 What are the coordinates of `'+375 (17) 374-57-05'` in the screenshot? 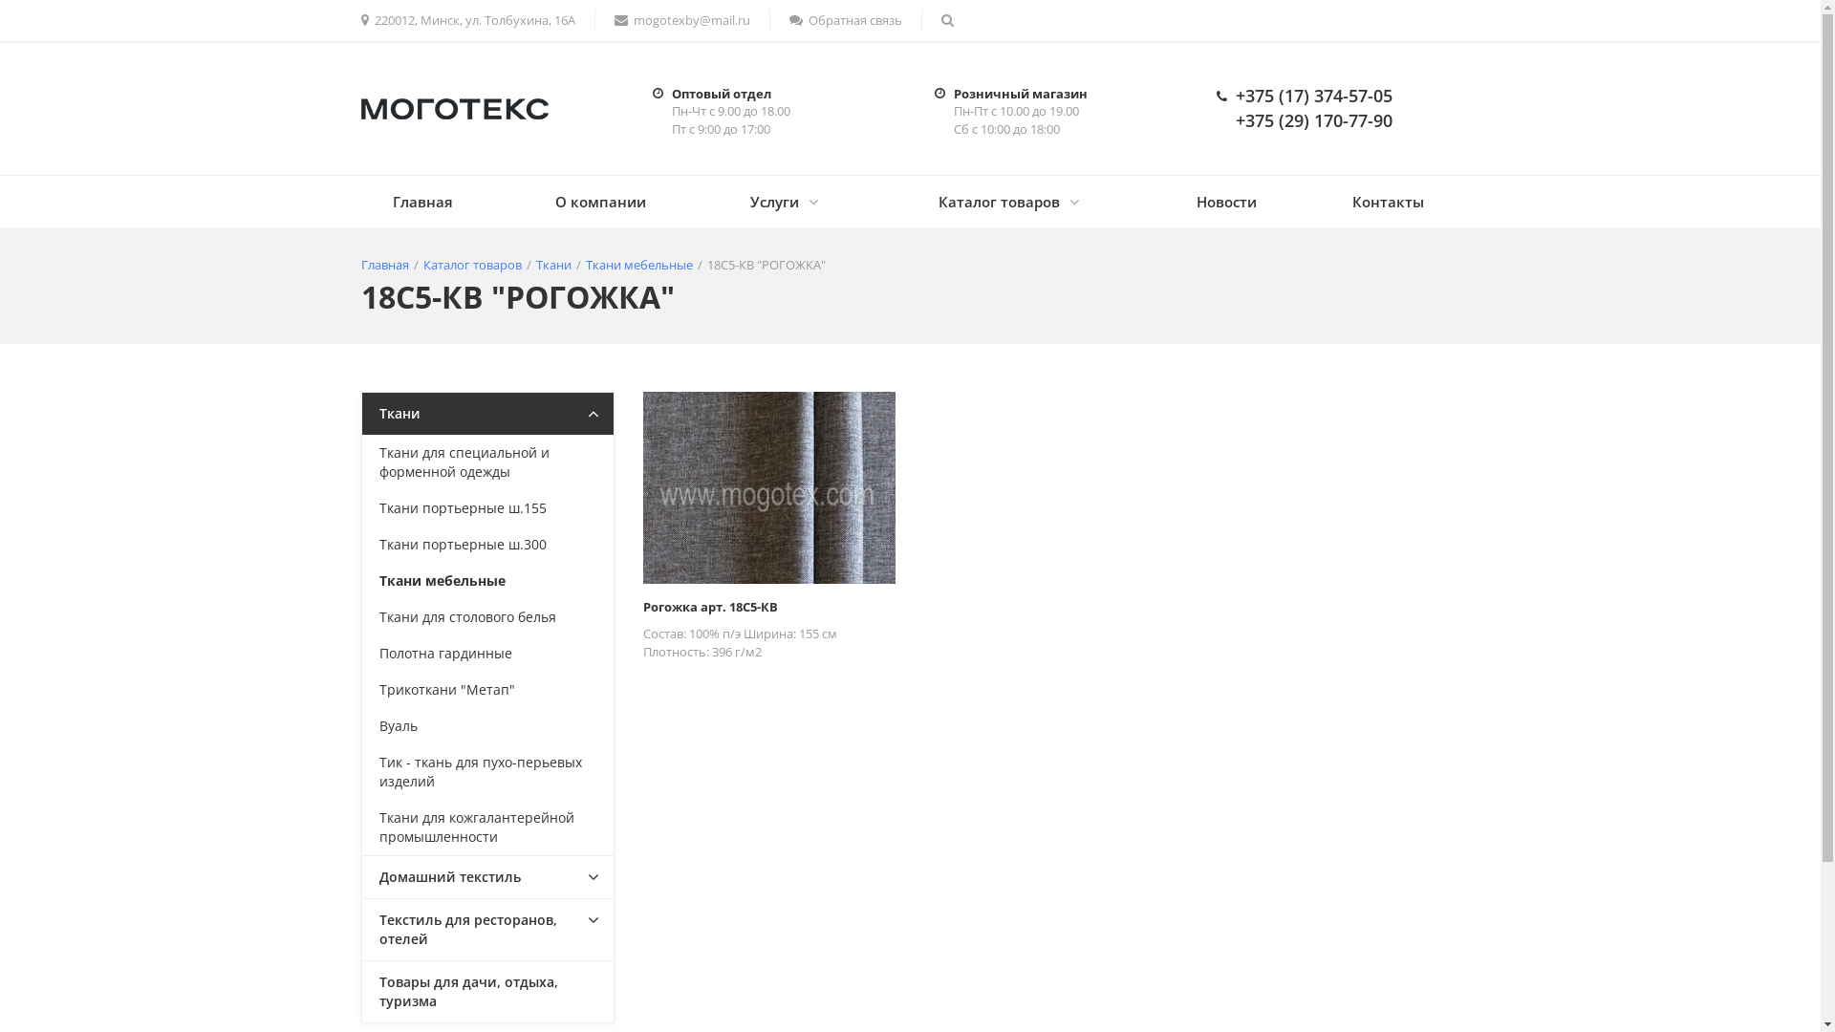 It's located at (1311, 96).